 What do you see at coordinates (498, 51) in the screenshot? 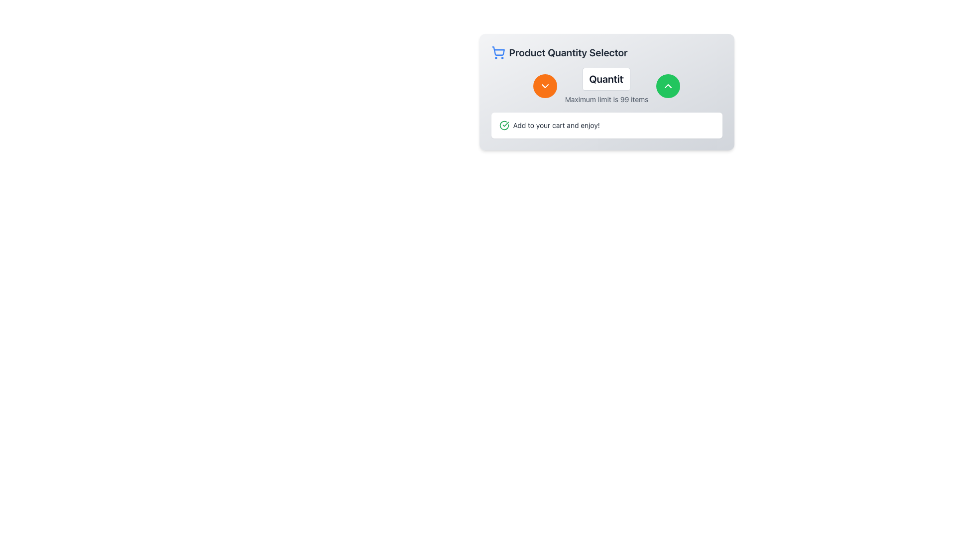
I see `the shopping cart icon, which is a blue outlined vector graphic located near the top-left corner of the product quantity selector panel` at bounding box center [498, 51].